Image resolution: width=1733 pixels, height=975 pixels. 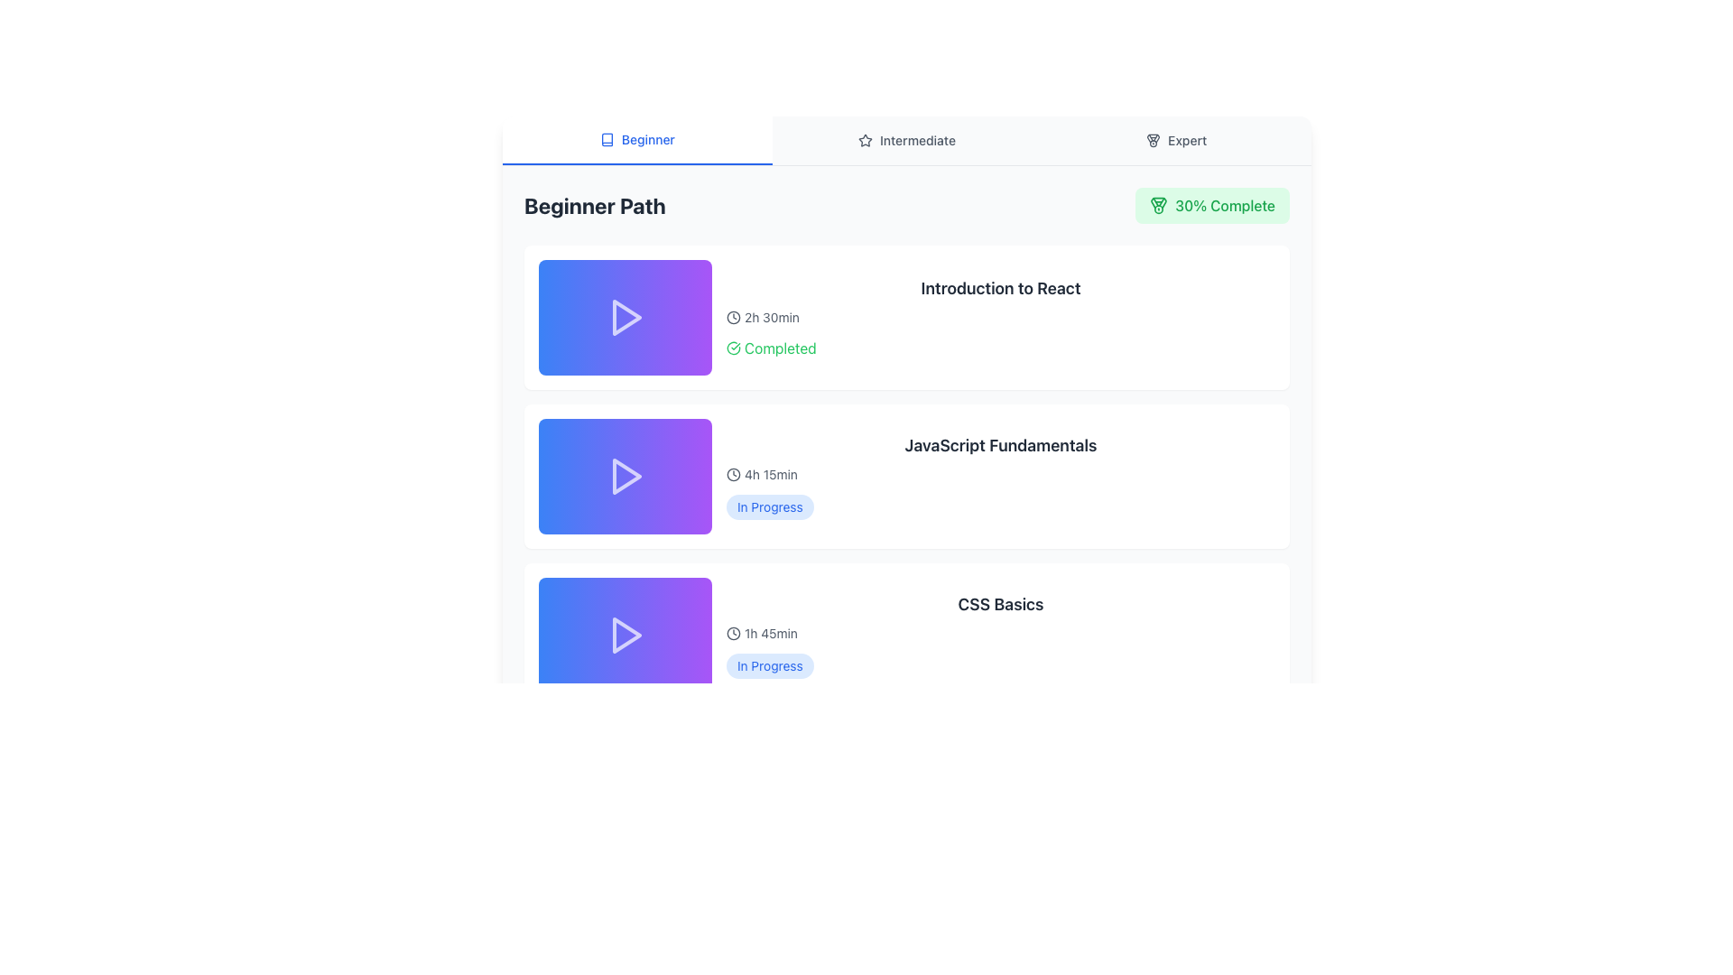 What do you see at coordinates (1176, 139) in the screenshot?
I see `the 'Expert' button, which is the third button in a sequence of three labeled 'Beginner', 'Intermediate', and 'Expert'` at bounding box center [1176, 139].